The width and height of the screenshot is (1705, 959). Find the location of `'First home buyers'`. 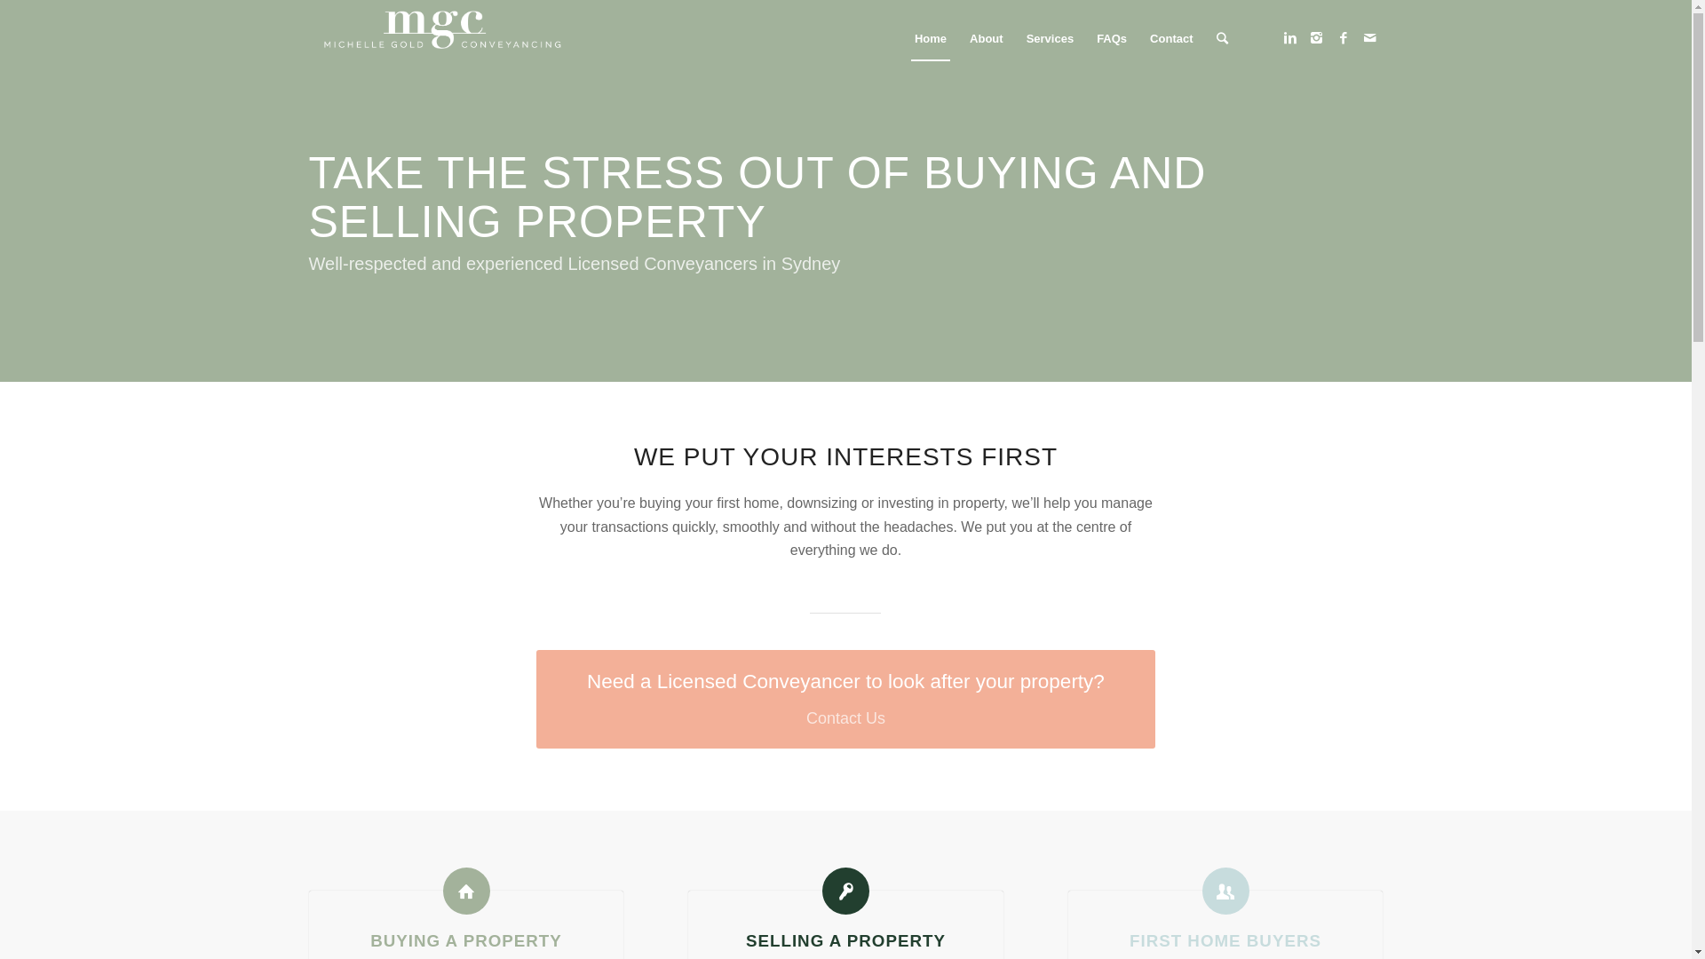

'First home buyers' is located at coordinates (1225, 891).